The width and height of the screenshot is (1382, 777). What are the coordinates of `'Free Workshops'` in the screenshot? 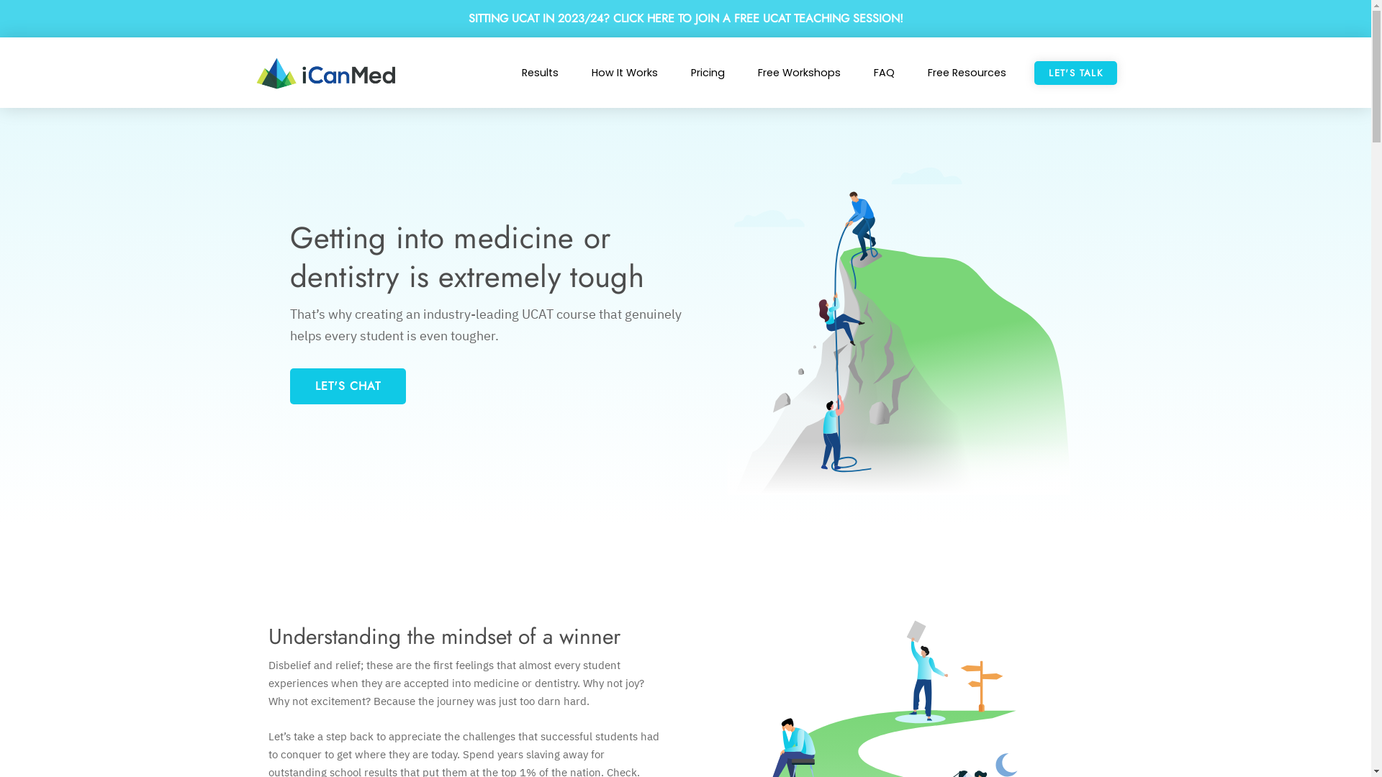 It's located at (743, 72).